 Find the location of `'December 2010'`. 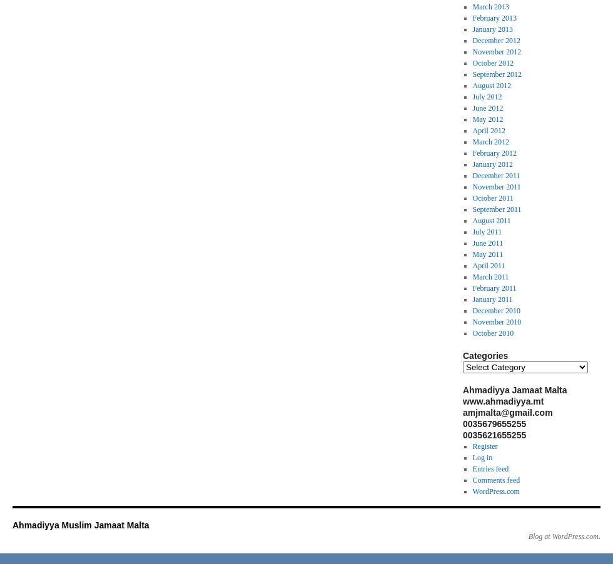

'December 2010' is located at coordinates (472, 310).